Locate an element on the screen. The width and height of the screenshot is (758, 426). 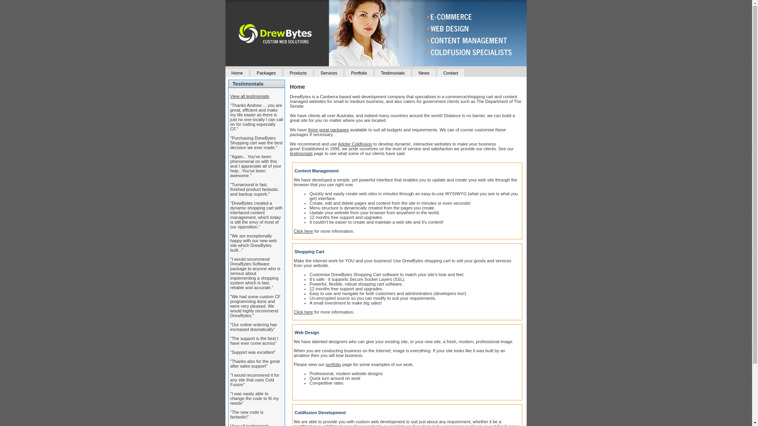
'portfolio' is located at coordinates (333, 364).